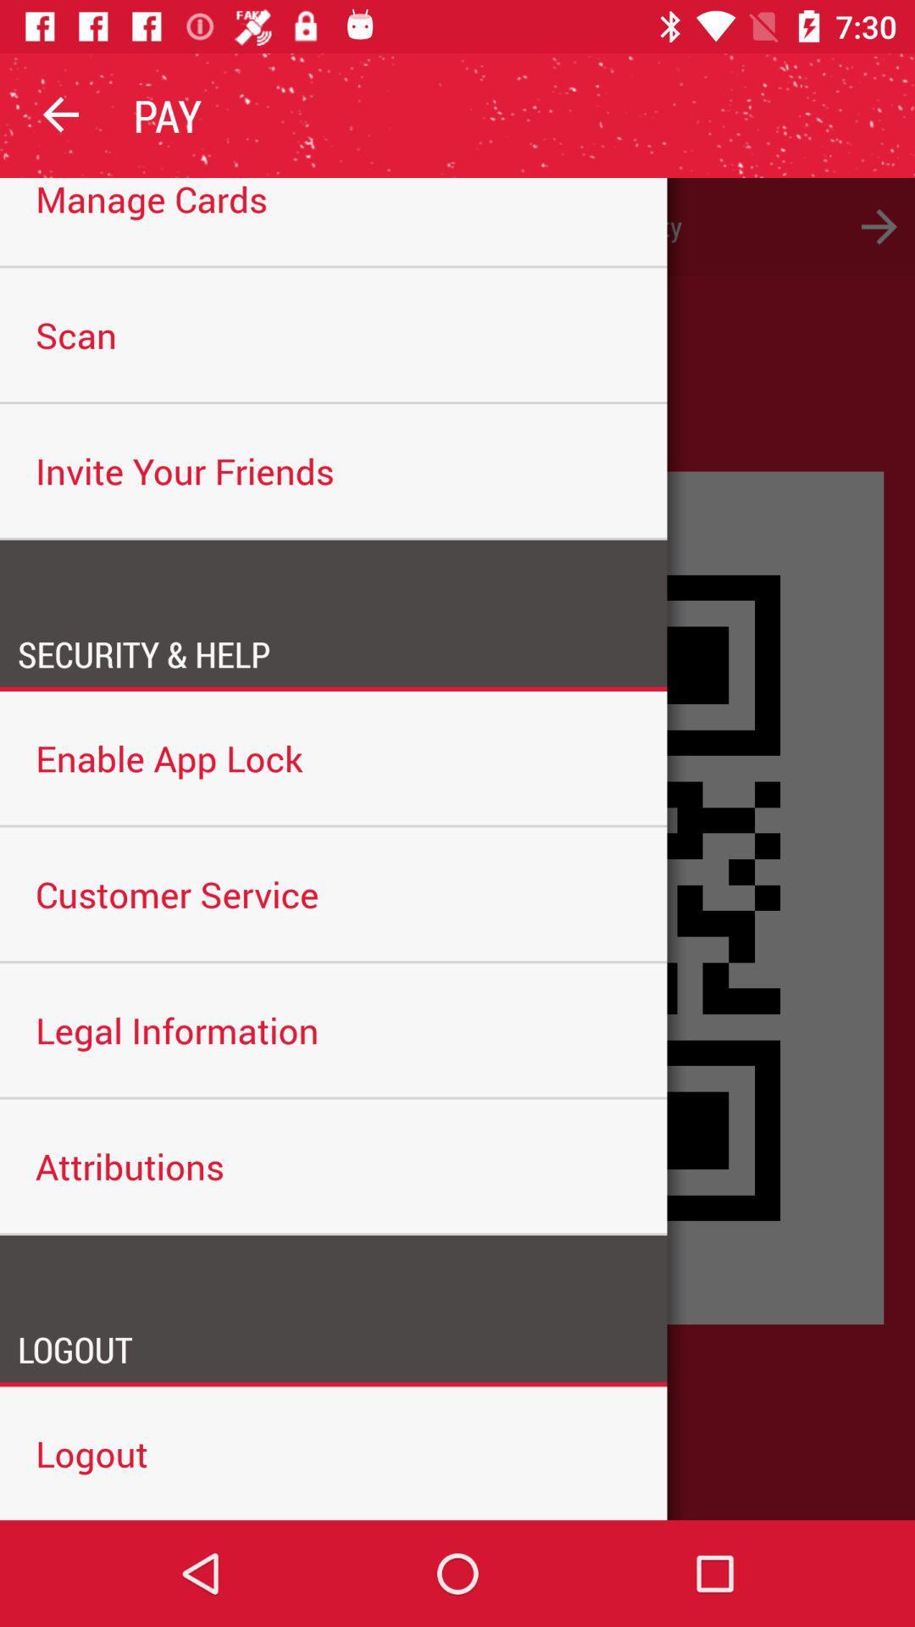  Describe the element at coordinates (61, 114) in the screenshot. I see `the icon above the please add a icon` at that location.